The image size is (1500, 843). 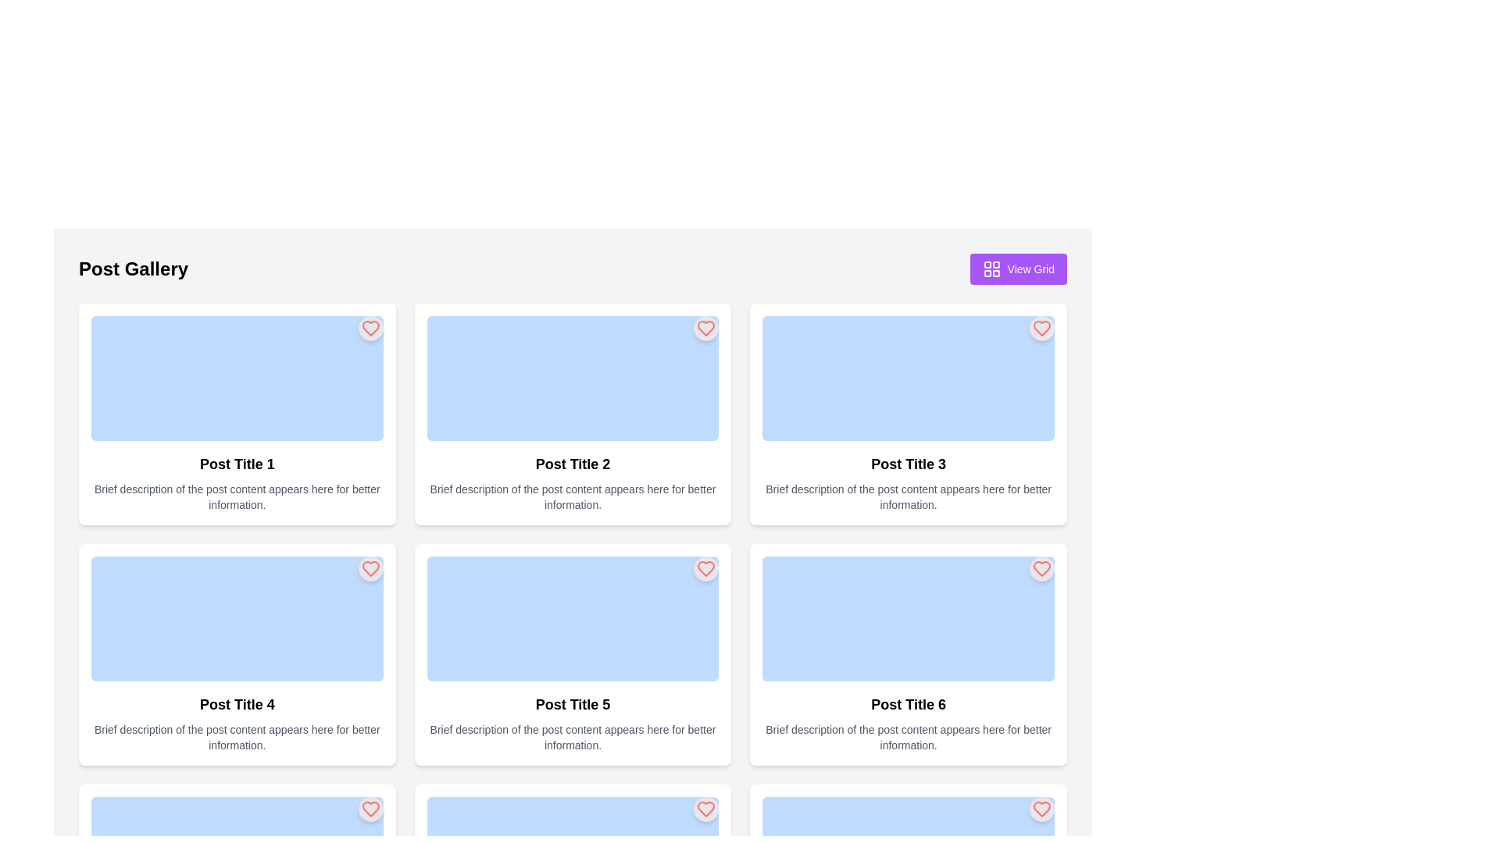 I want to click on the heart icon in the upper-right corner of the card labeled 'Post Title 6', so click(x=1042, y=809).